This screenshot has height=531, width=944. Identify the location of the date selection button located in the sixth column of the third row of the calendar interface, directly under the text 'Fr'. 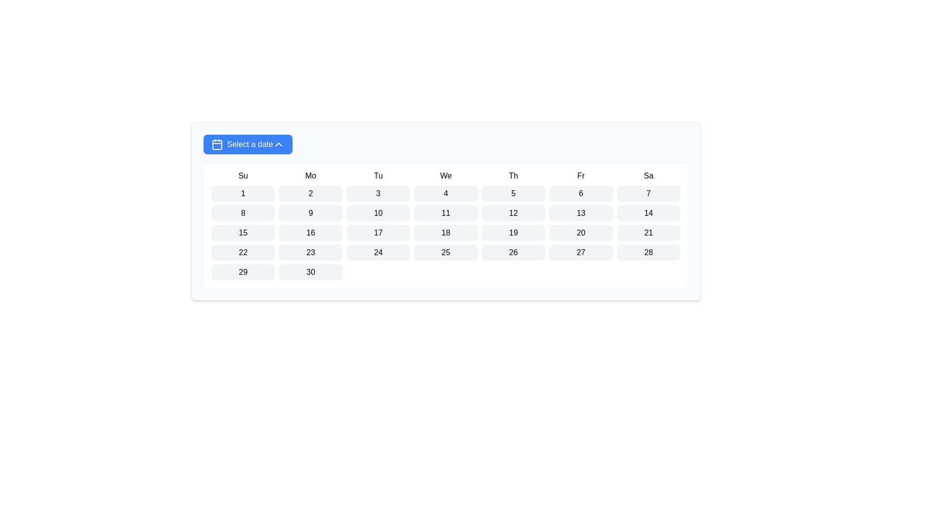
(581, 213).